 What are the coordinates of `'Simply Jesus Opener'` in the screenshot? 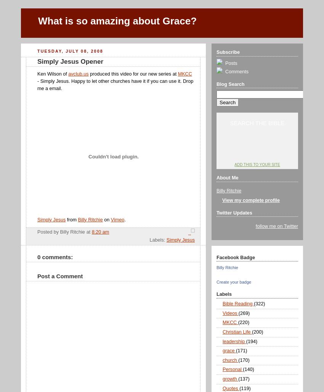 It's located at (70, 61).